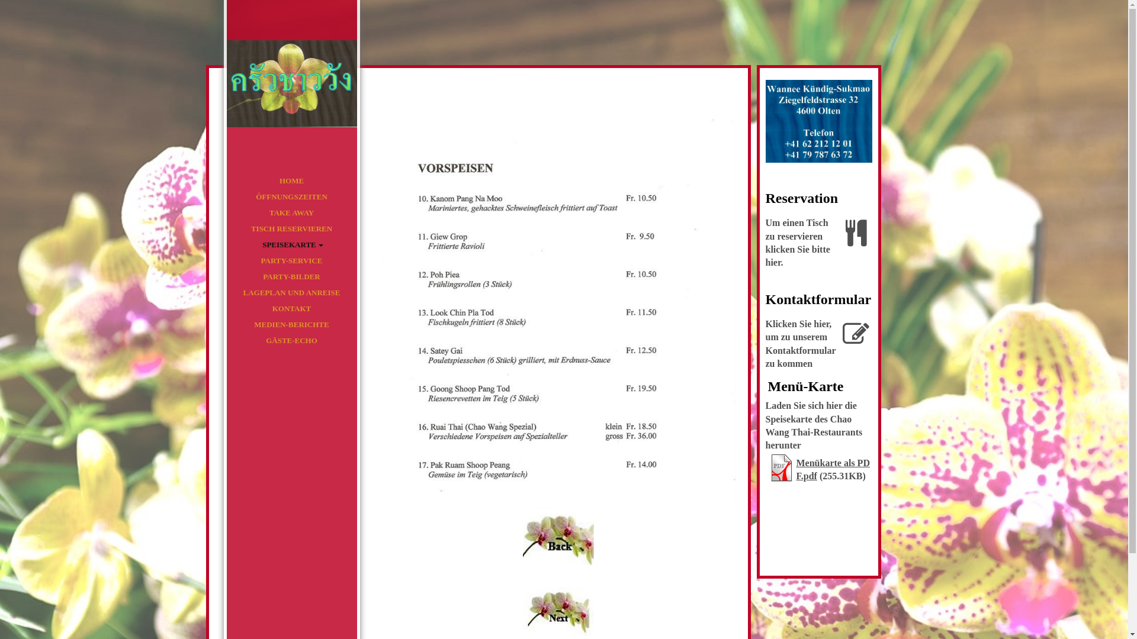 The image size is (1137, 639). Describe the element at coordinates (291, 276) in the screenshot. I see `'PARTY-BILDER'` at that location.